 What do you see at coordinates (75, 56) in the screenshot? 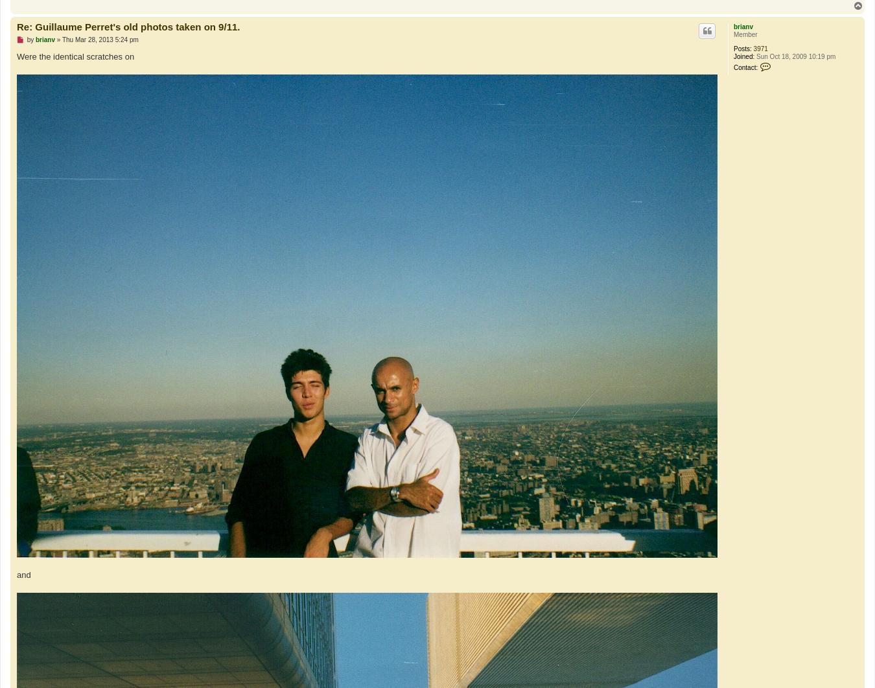
I see `'Were the identical scratches on'` at bounding box center [75, 56].